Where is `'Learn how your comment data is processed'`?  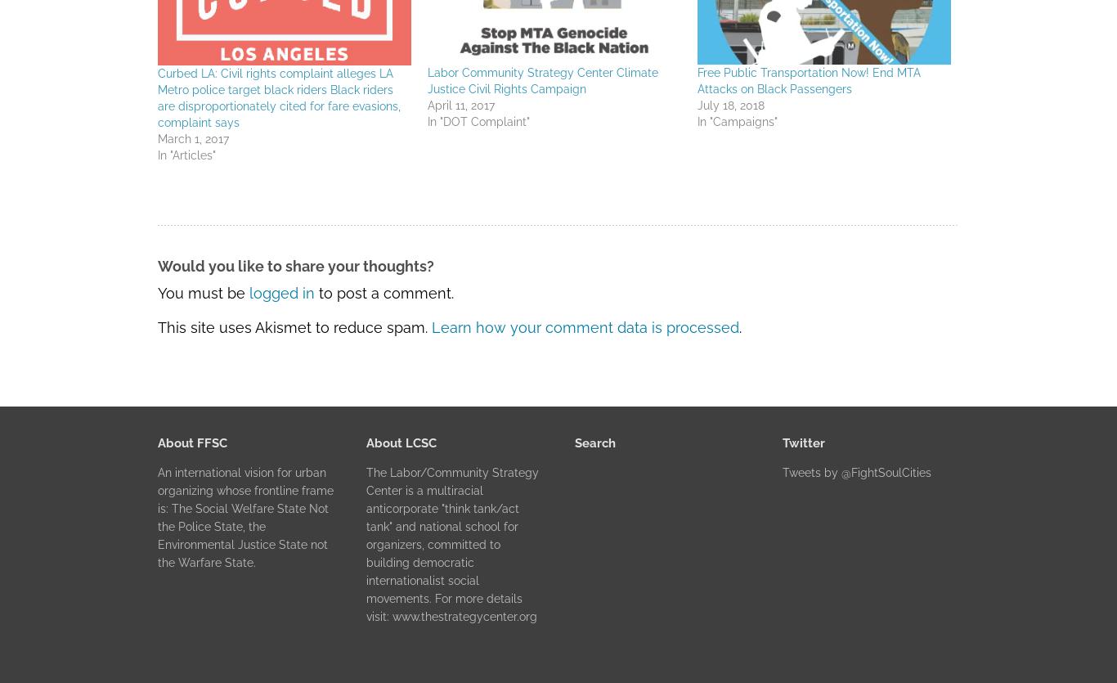
'Learn how your comment data is processed' is located at coordinates (585, 326).